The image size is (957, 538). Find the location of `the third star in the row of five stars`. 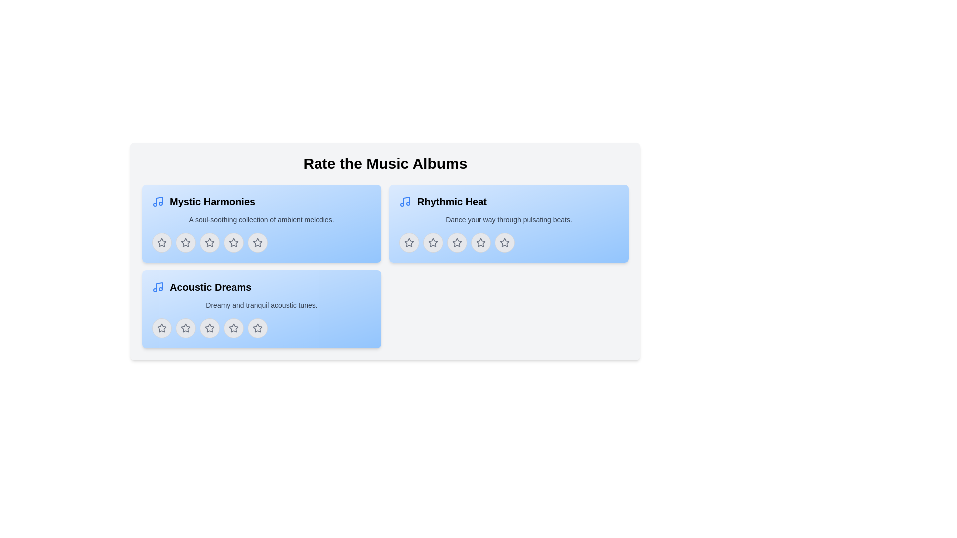

the third star in the row of five stars is located at coordinates (456, 242).